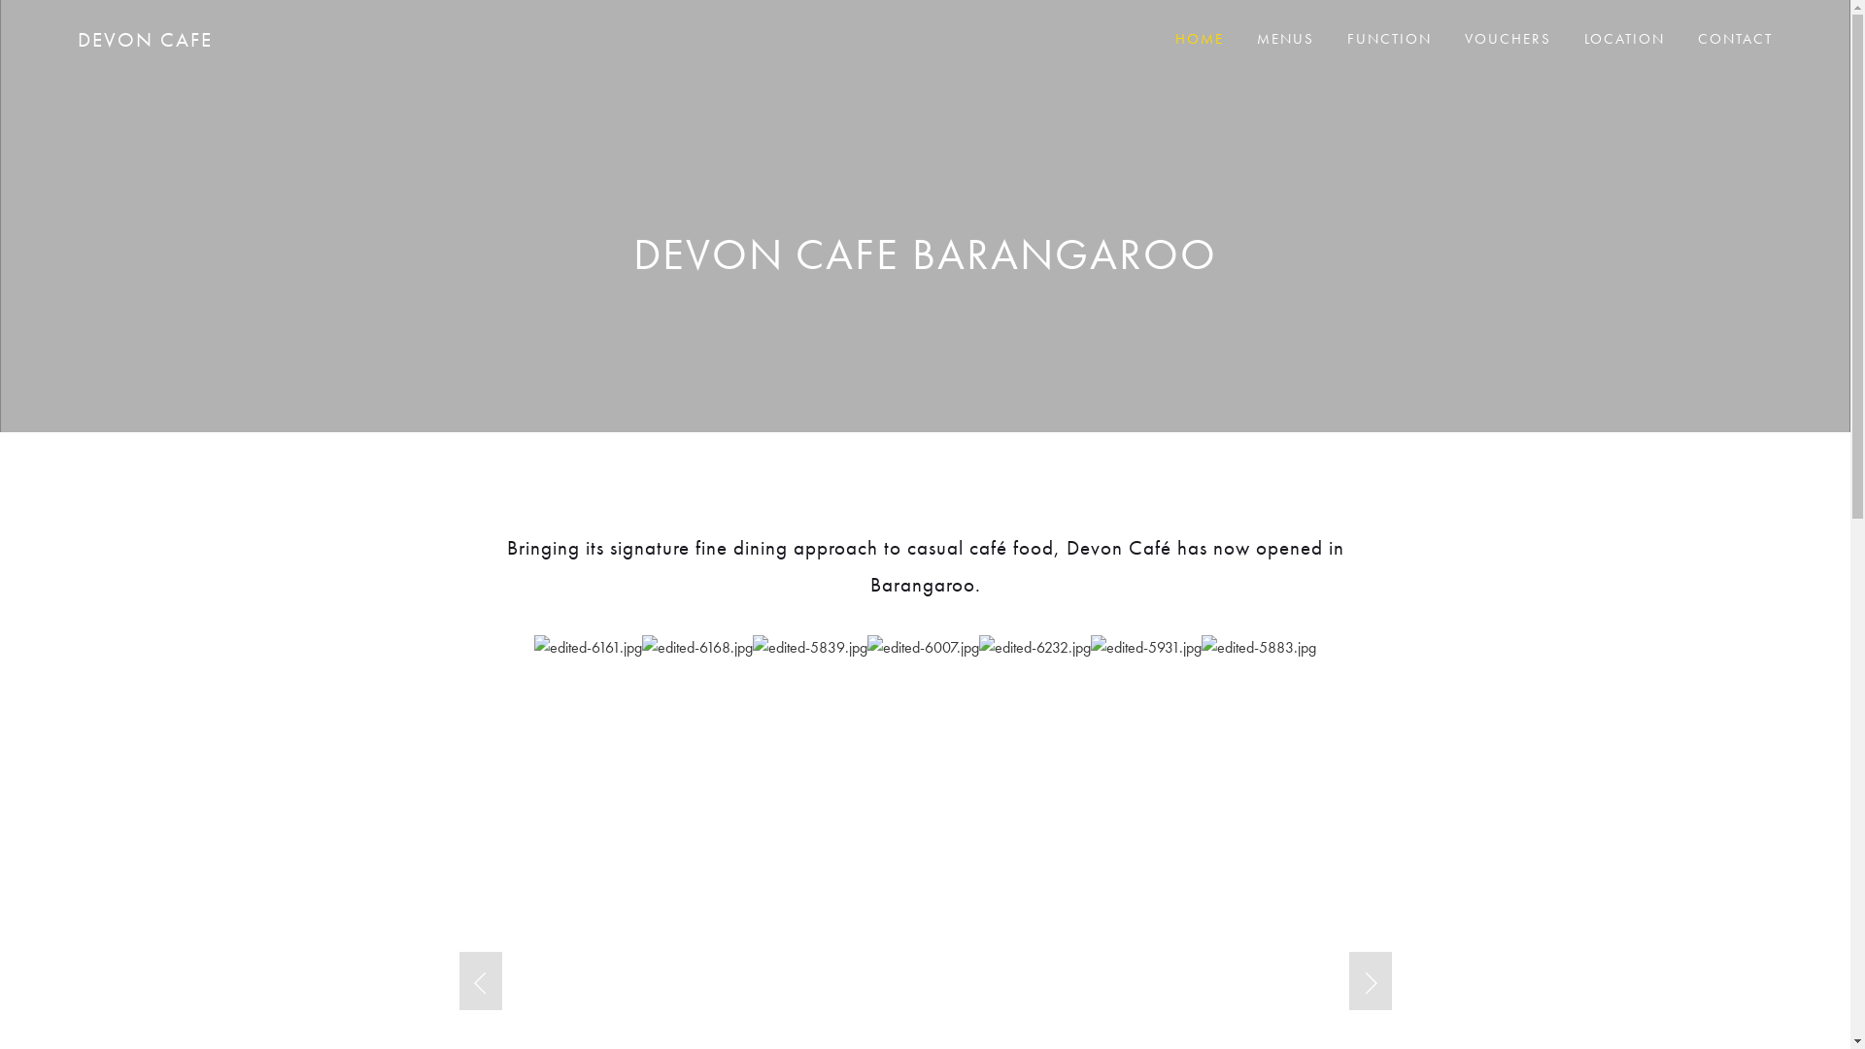  I want to click on 'FUNCTION', so click(1388, 38).